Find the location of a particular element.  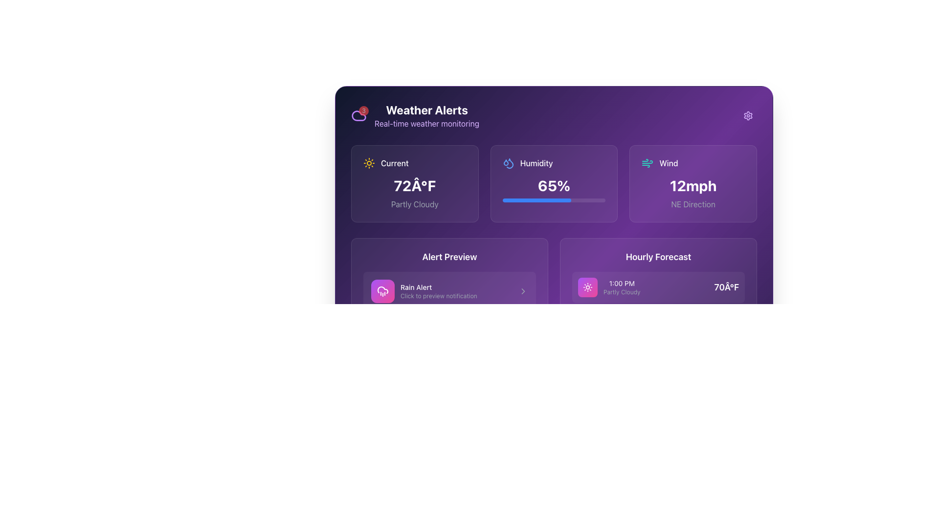

the Progress bar fill that visually represents the humidity level, located between the 'Current' and 'Wind' sections of the interface is located at coordinates (536, 199).